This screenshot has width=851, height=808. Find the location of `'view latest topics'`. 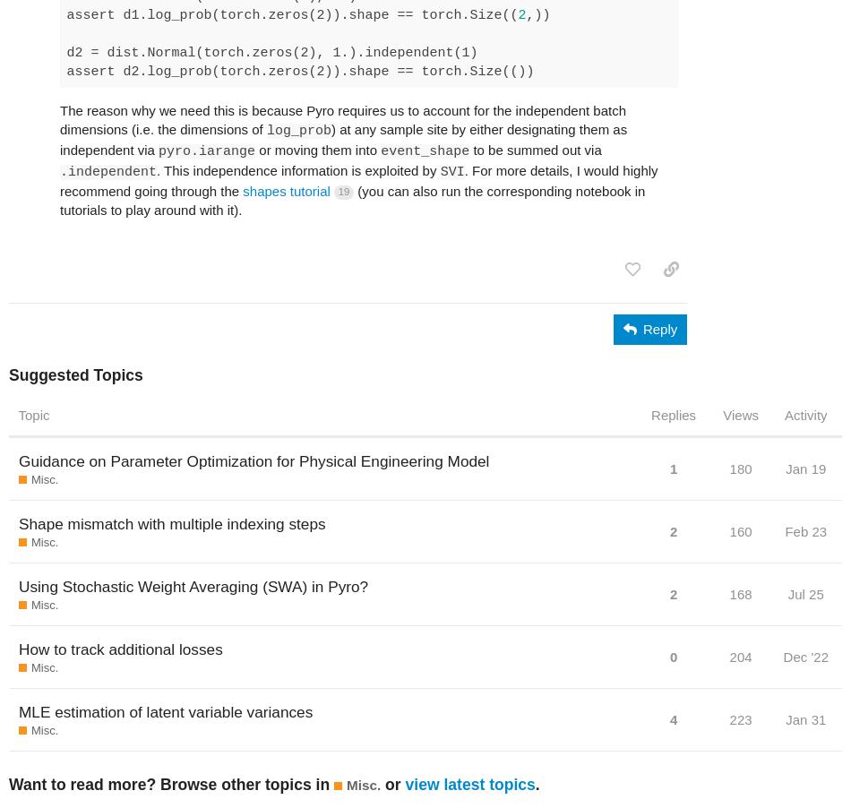

'view latest topics' is located at coordinates (469, 785).